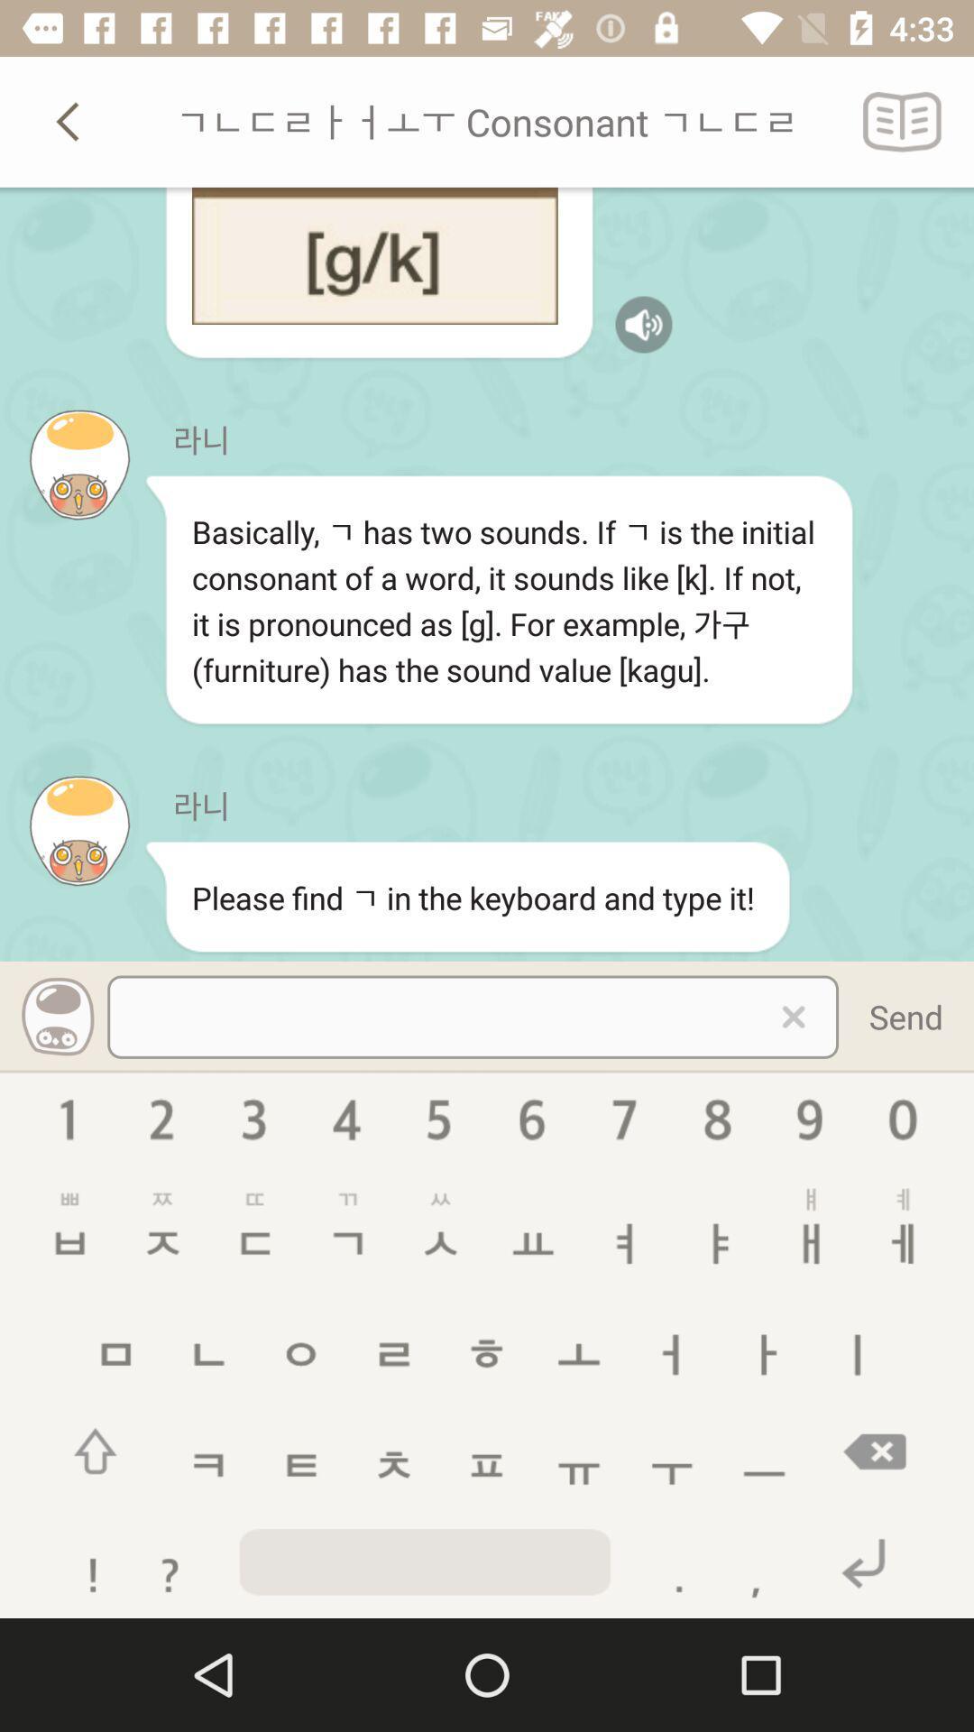  I want to click on the close icon, so click(793, 1017).